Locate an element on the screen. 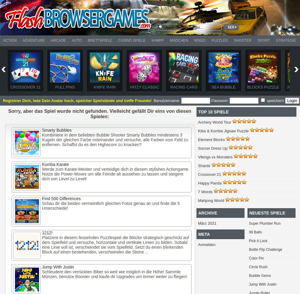  'Sorry, aber das Spiel wurde nicht gefunden. Vielleicht gefällt Dir eins von diesen Spielen:' is located at coordinates (8, 114).